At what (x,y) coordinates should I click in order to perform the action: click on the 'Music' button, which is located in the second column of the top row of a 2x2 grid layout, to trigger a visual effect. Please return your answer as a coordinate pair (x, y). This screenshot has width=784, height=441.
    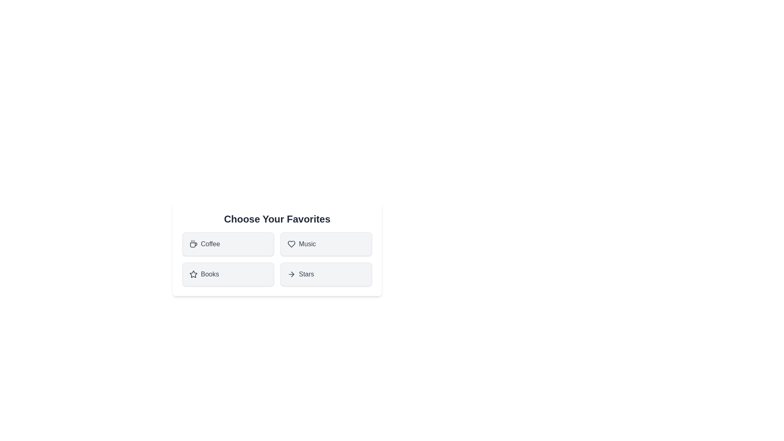
    Looking at the image, I should click on (325, 243).